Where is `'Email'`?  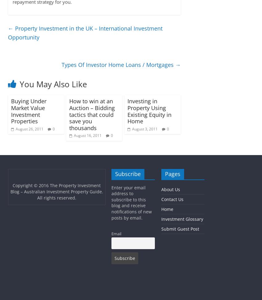 'Email' is located at coordinates (116, 233).